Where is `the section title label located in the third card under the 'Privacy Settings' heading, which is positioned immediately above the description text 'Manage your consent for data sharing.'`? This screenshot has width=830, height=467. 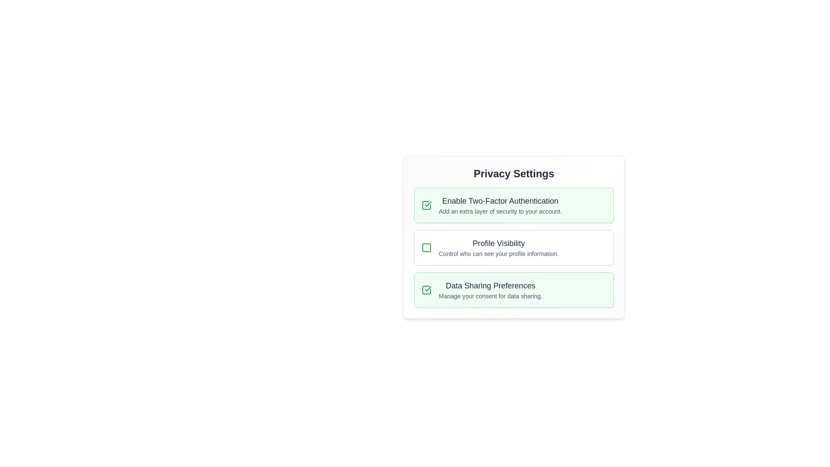
the section title label located in the third card under the 'Privacy Settings' heading, which is positioned immediately above the description text 'Manage your consent for data sharing.' is located at coordinates (490, 285).